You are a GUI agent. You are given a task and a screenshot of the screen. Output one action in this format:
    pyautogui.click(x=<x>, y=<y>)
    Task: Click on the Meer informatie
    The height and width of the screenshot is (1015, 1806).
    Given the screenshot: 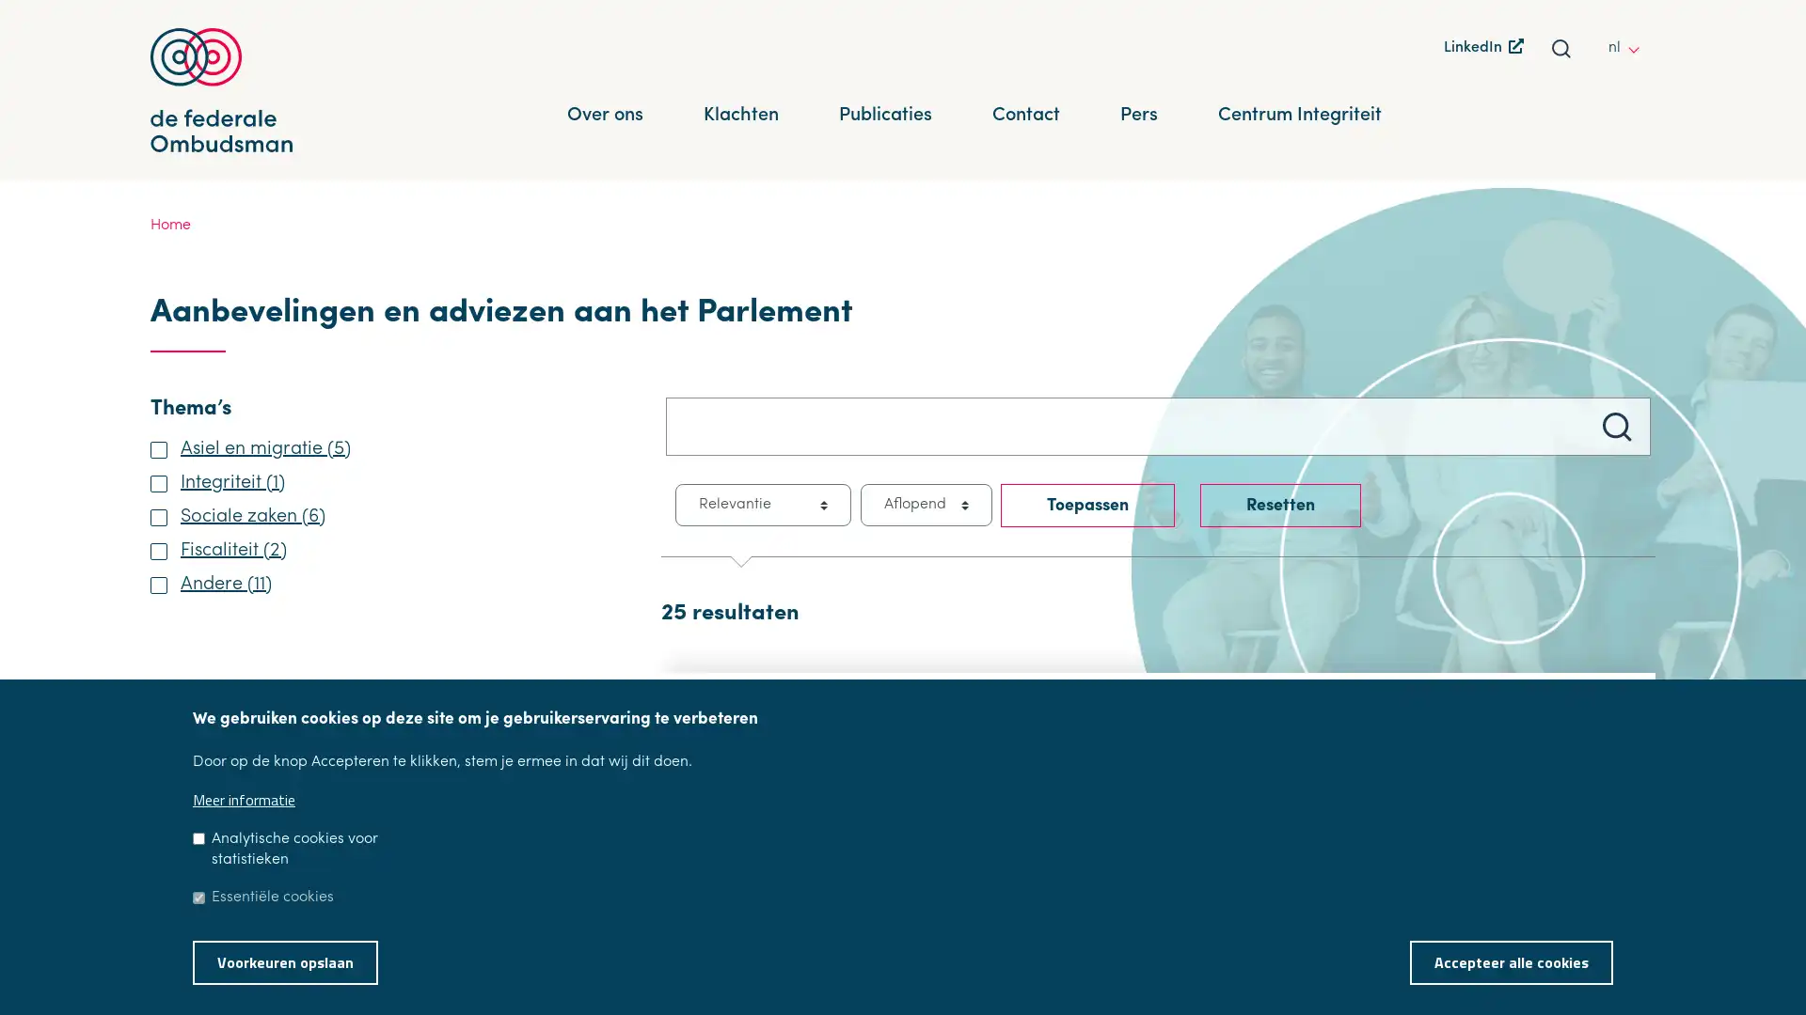 What is the action you would take?
    pyautogui.click(x=243, y=800)
    